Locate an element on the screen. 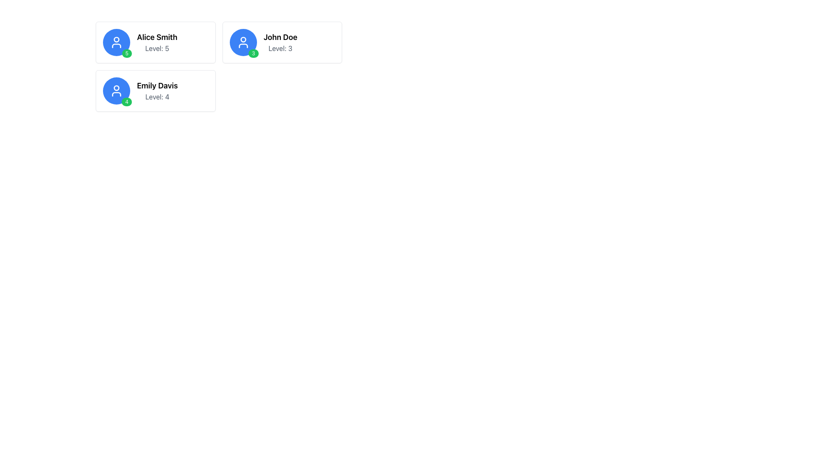  small circular SVG Circle element located at the top-center of the user icon for 'John Doe, Level: 3' to gather additional details is located at coordinates (243, 40).